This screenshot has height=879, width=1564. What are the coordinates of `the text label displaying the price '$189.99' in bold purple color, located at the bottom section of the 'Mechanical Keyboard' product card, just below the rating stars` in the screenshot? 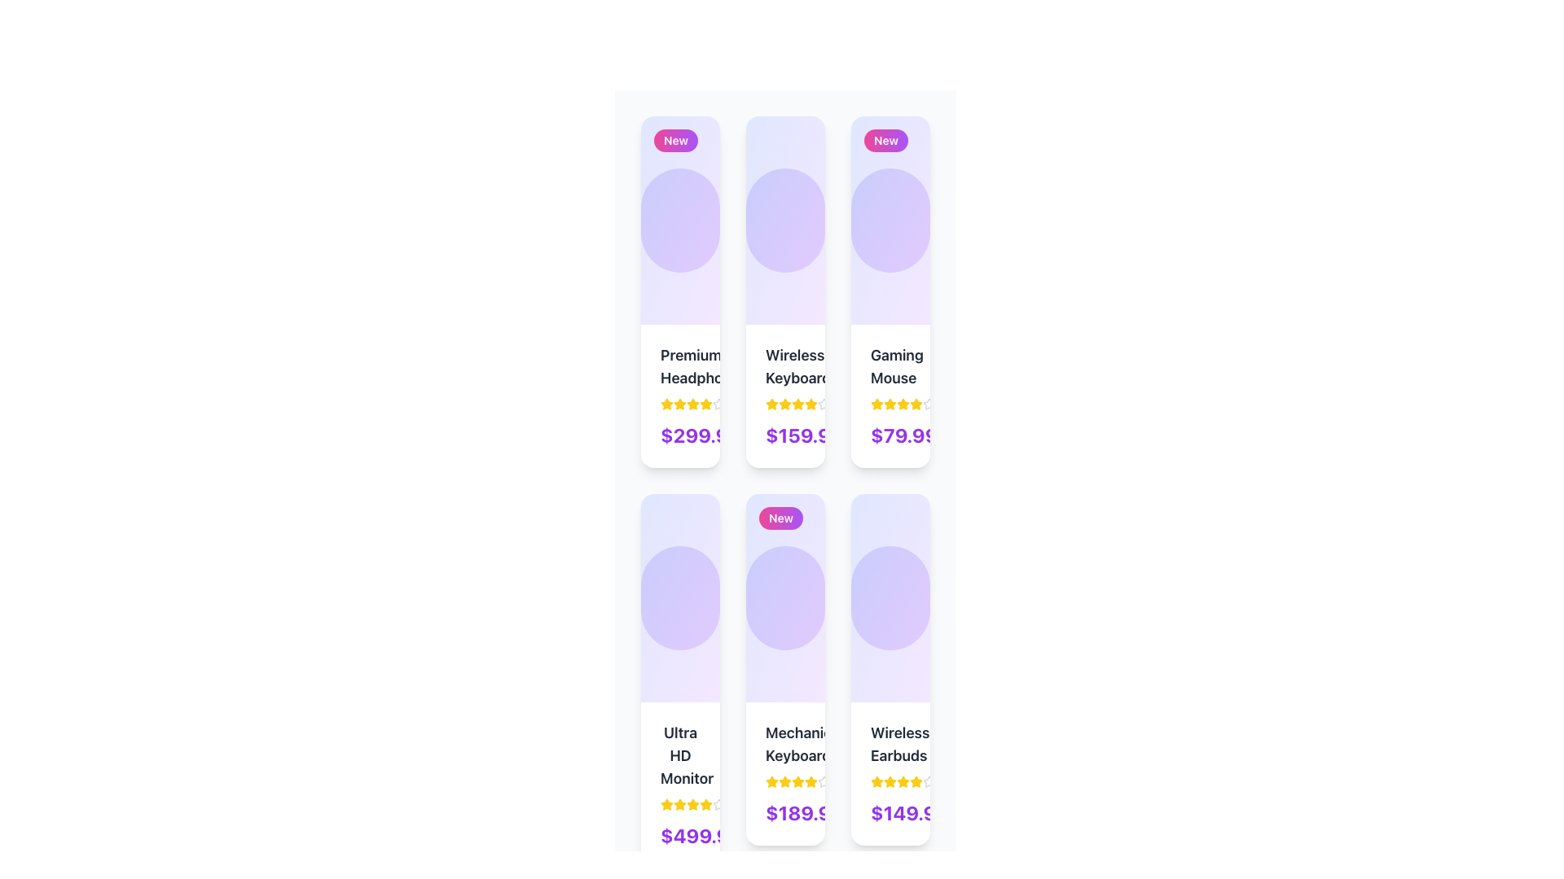 It's located at (785, 813).